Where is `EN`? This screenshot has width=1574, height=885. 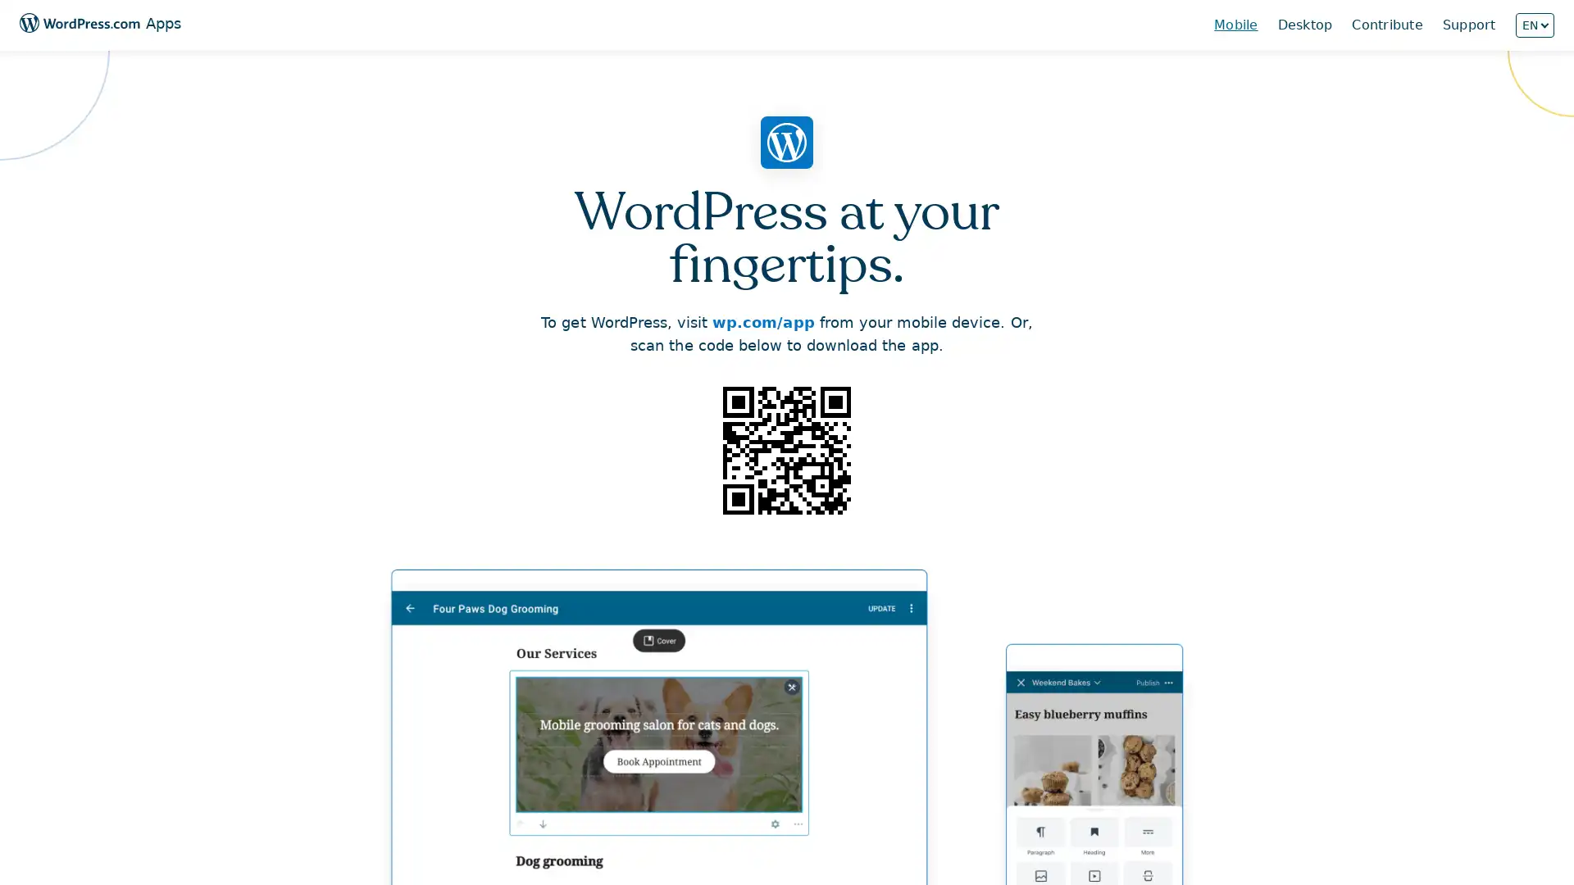
EN is located at coordinates (1534, 25).